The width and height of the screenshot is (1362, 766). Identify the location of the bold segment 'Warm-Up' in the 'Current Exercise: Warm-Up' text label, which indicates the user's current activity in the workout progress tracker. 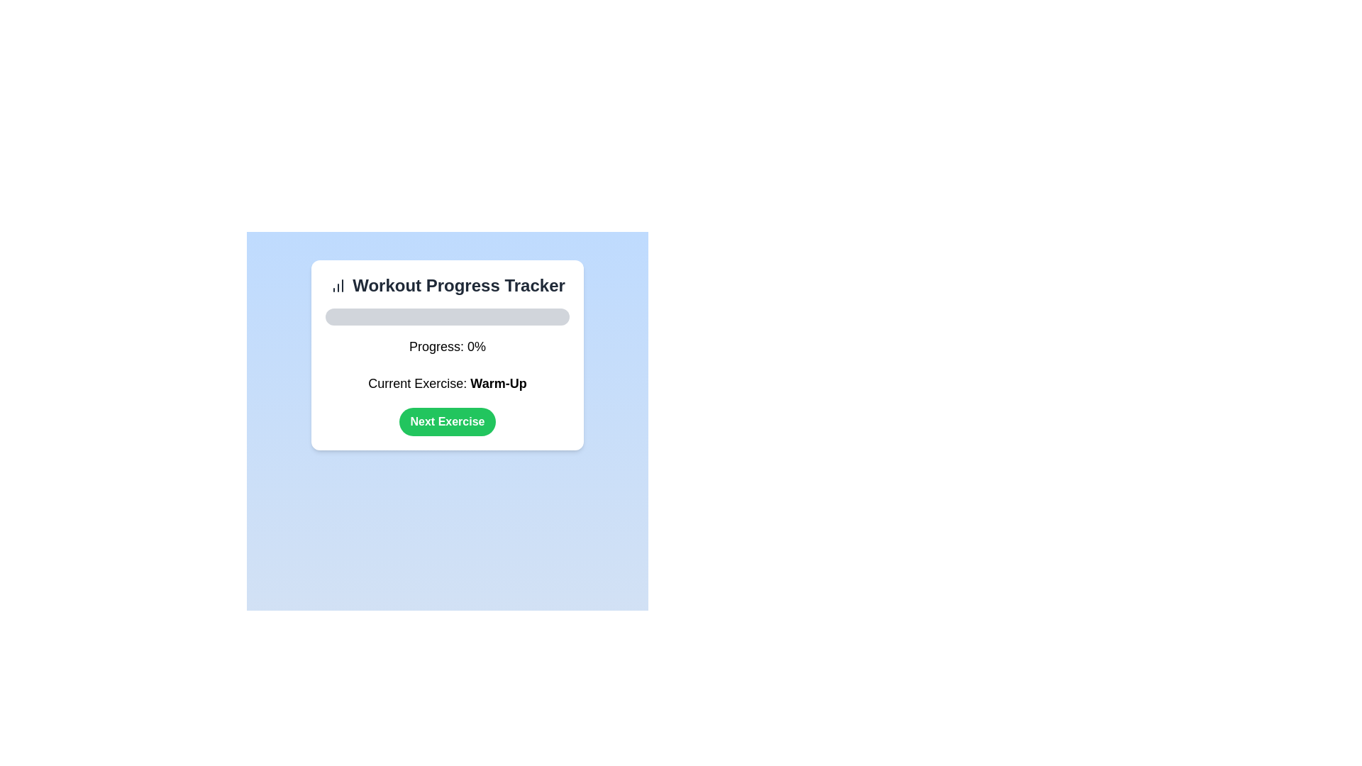
(499, 383).